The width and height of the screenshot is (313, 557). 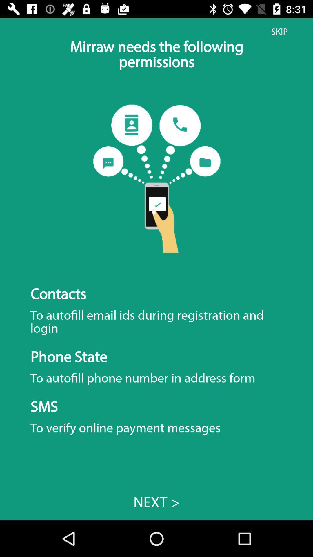 I want to click on the item above to autofill email, so click(x=279, y=31).